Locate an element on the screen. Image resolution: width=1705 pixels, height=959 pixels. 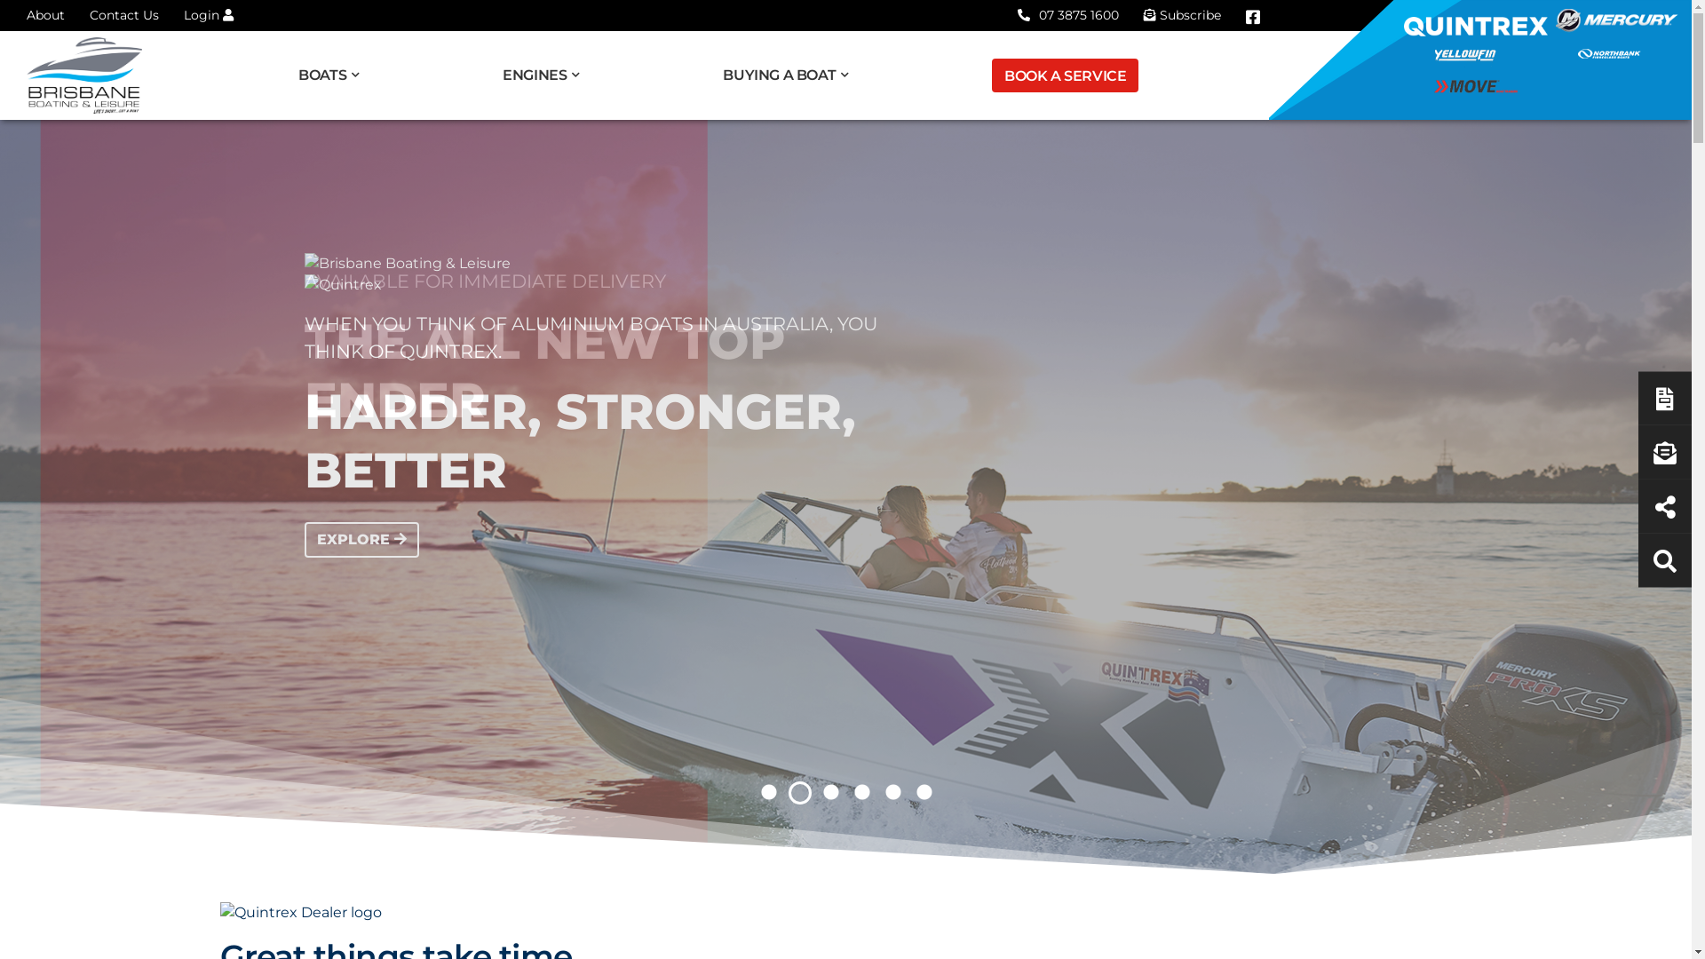
'Login' is located at coordinates (209, 14).